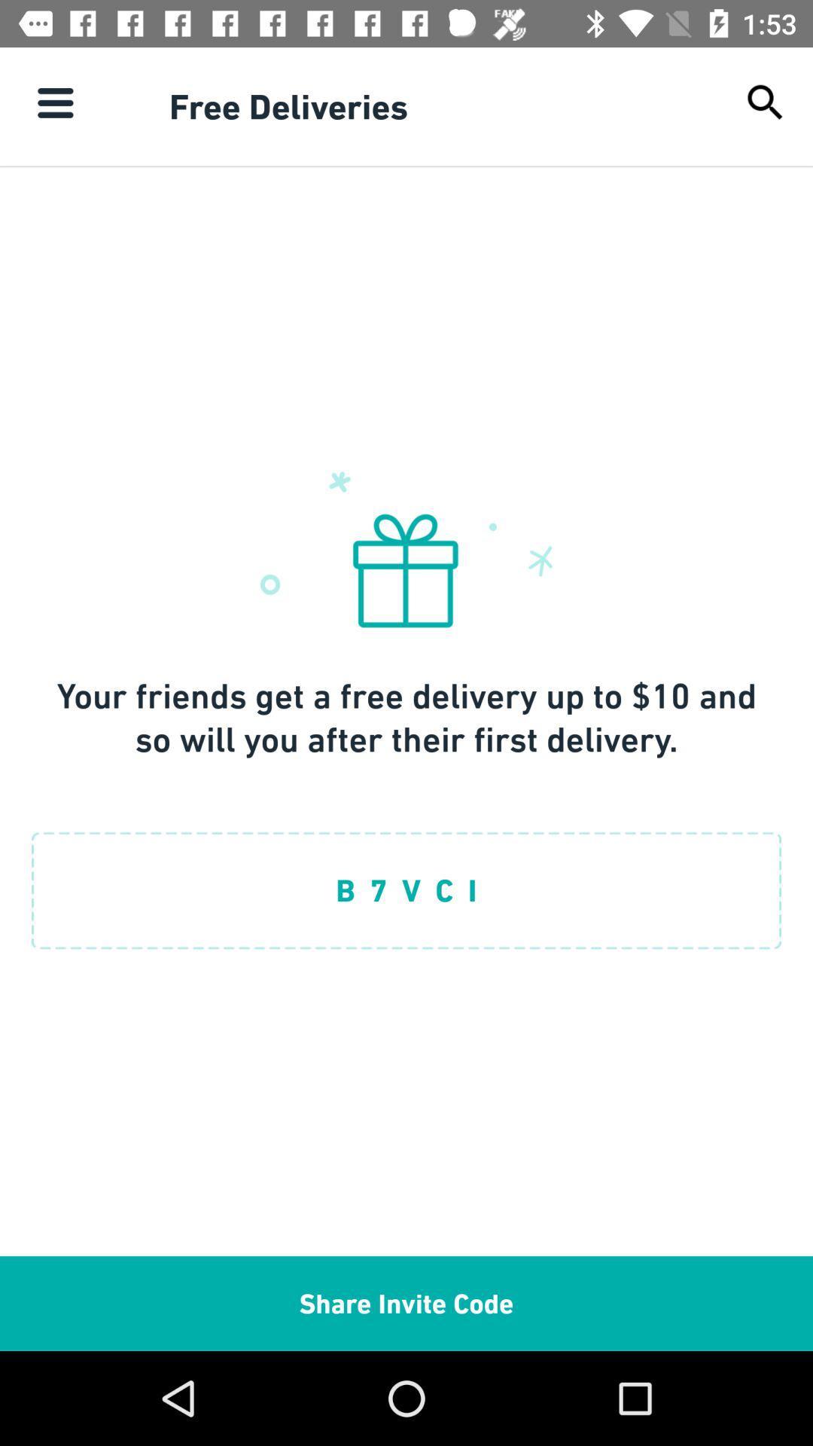  I want to click on item to the left of free deliveries, so click(54, 102).